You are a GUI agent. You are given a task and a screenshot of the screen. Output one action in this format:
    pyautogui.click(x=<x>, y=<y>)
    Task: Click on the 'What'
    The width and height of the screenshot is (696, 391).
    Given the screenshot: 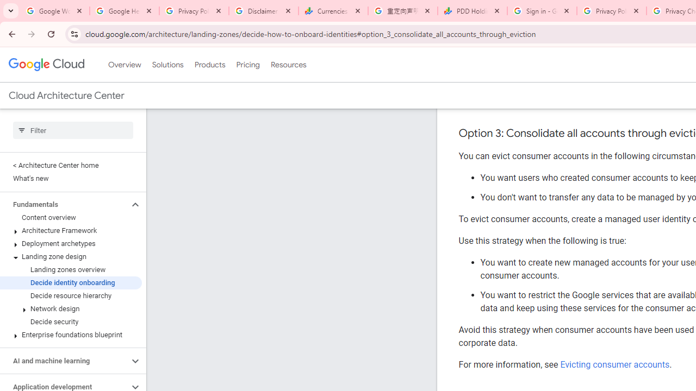 What is the action you would take?
    pyautogui.click(x=70, y=178)
    